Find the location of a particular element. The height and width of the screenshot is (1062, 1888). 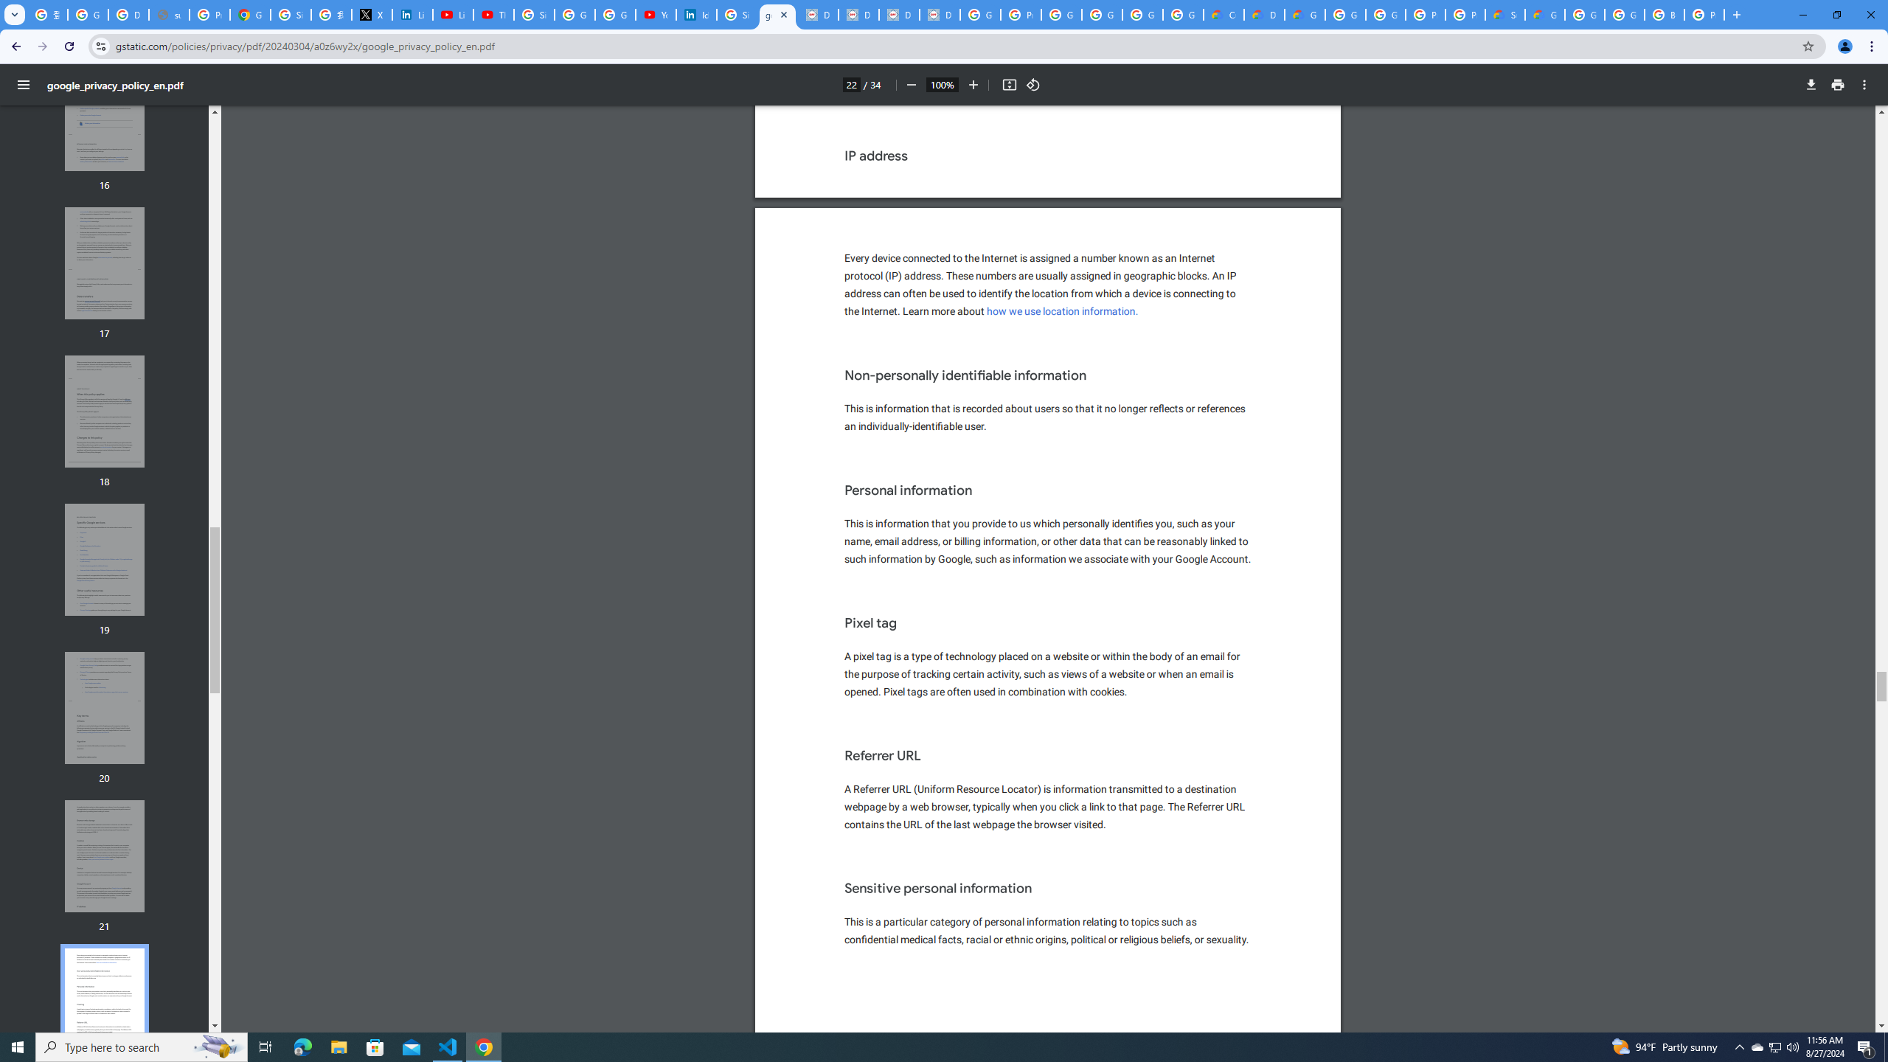

'Thumbnail for page 19' is located at coordinates (105, 559).